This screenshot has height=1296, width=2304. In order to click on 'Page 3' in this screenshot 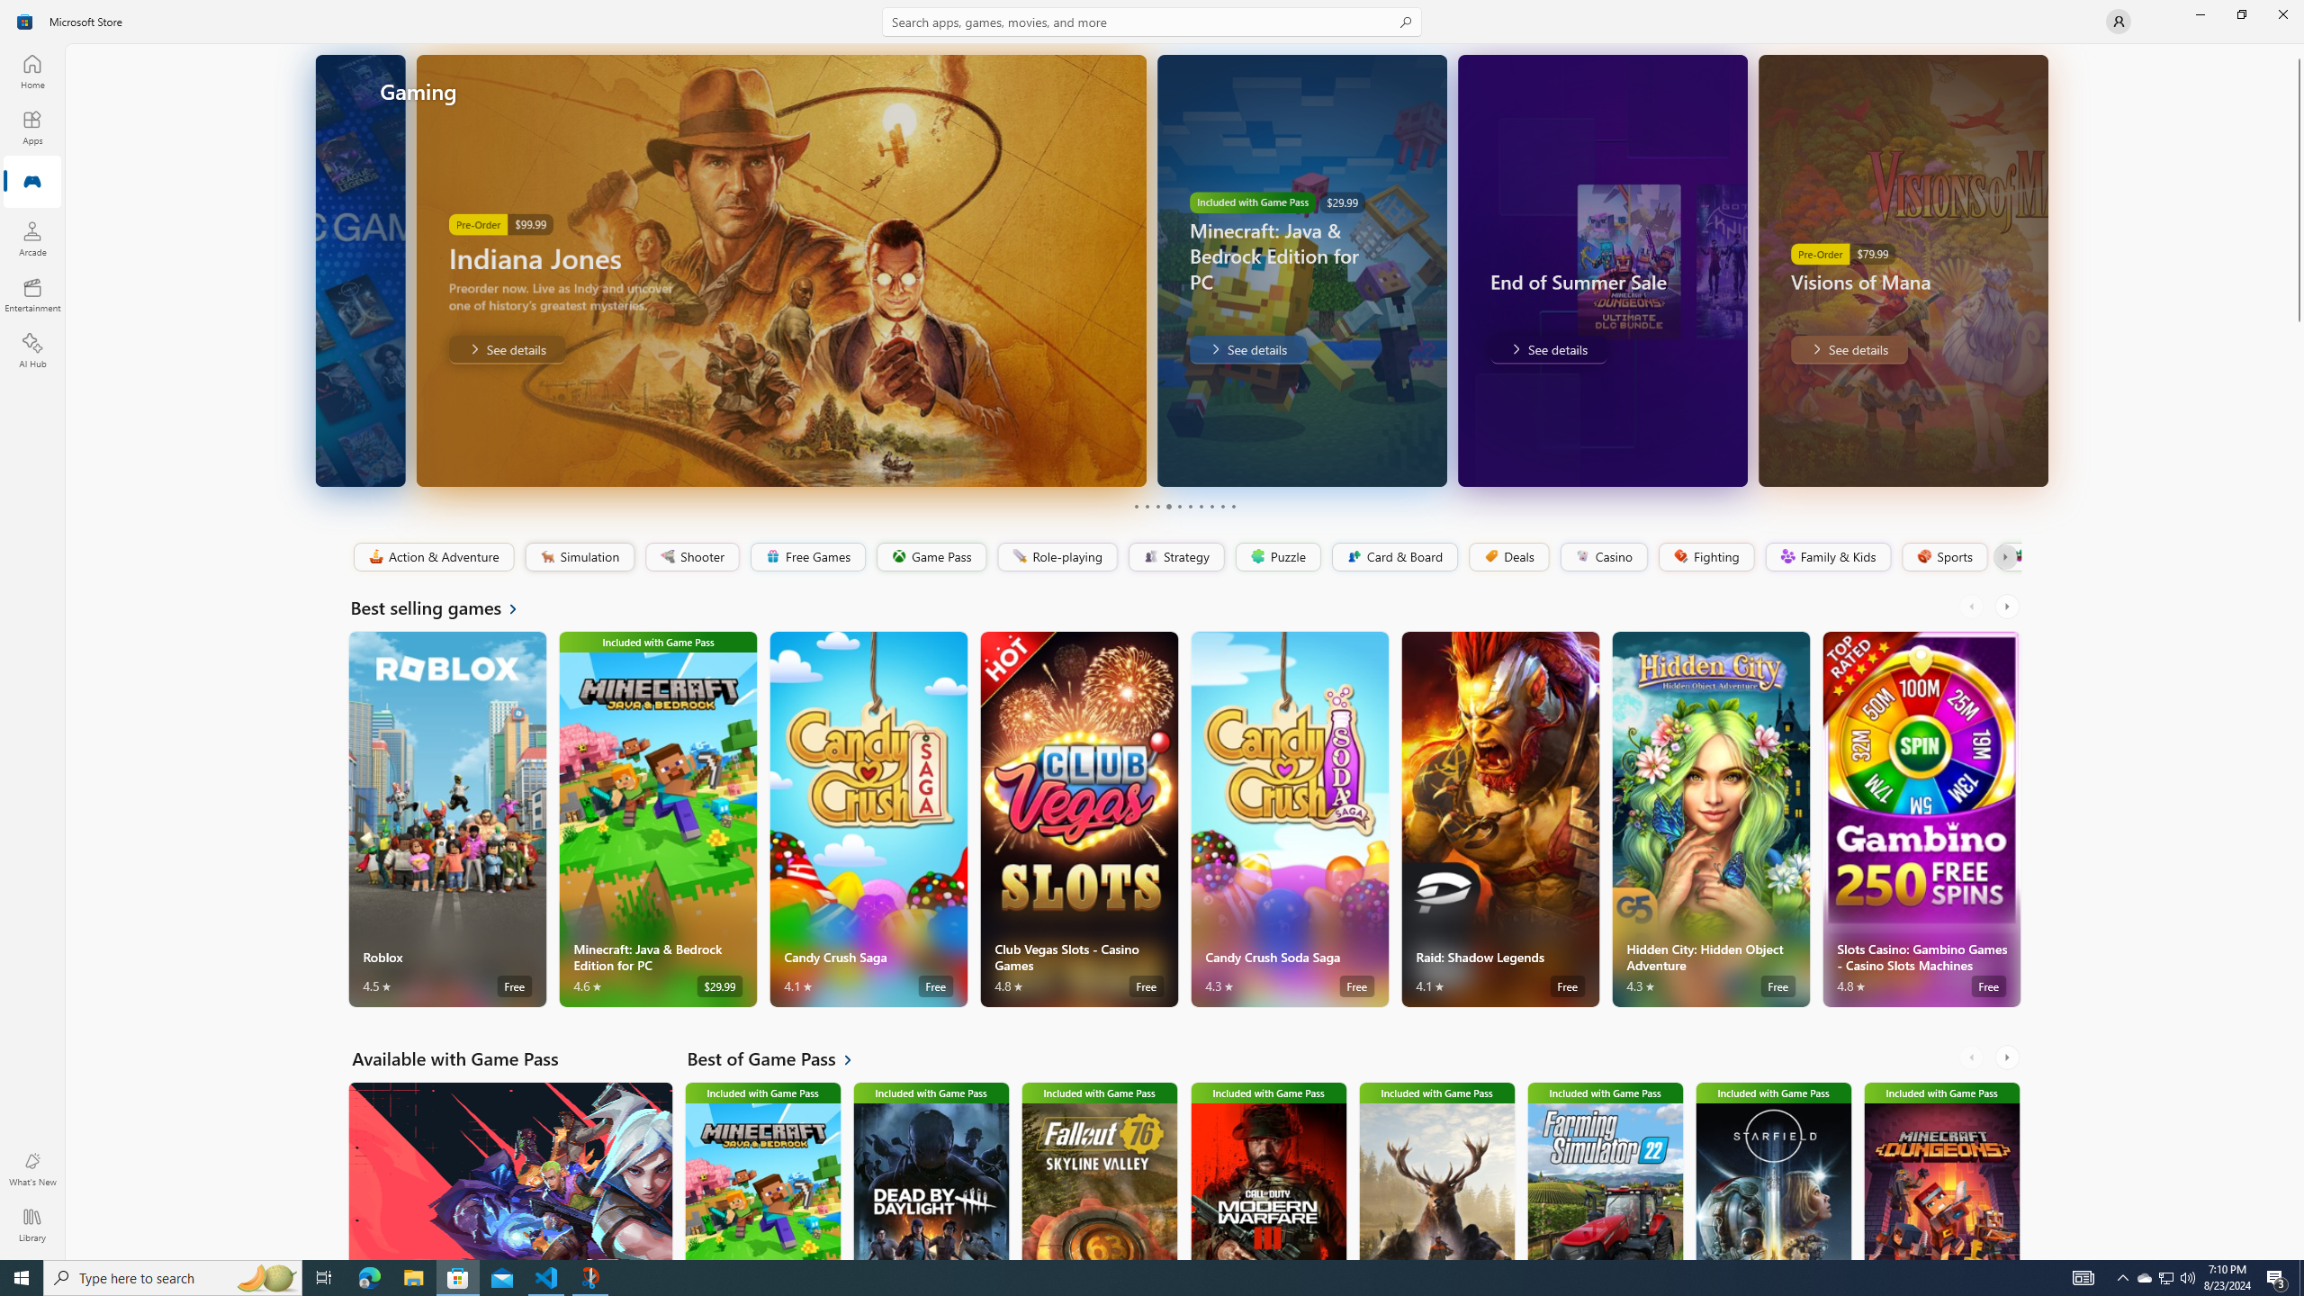, I will do `click(1156, 506)`.